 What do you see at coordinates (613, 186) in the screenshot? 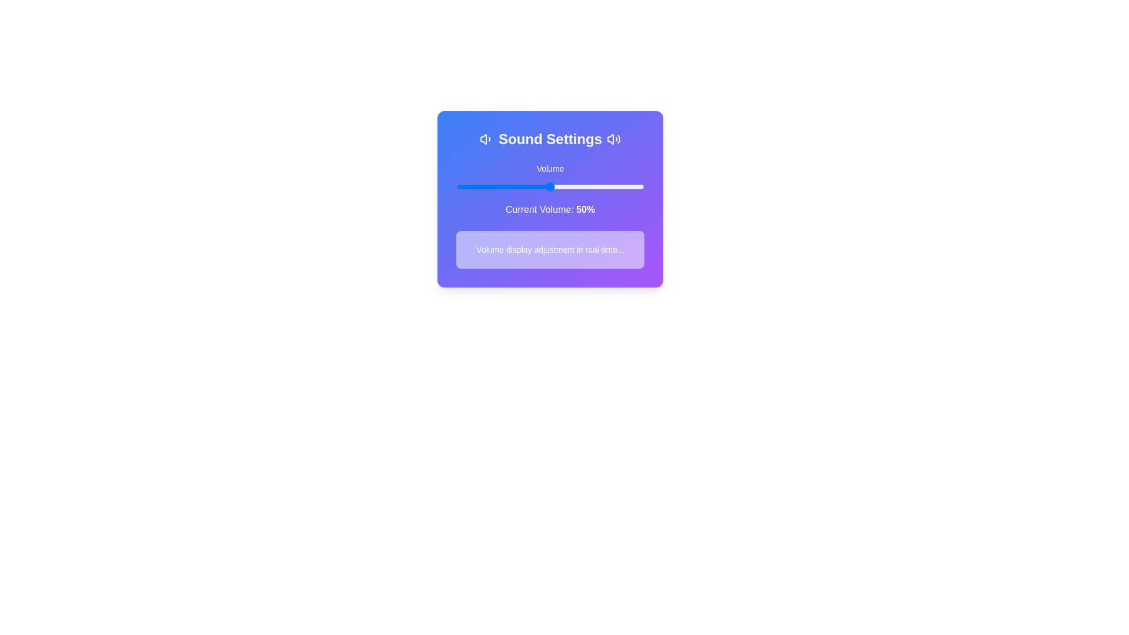
I see `the volume slider to set the volume to 84%` at bounding box center [613, 186].